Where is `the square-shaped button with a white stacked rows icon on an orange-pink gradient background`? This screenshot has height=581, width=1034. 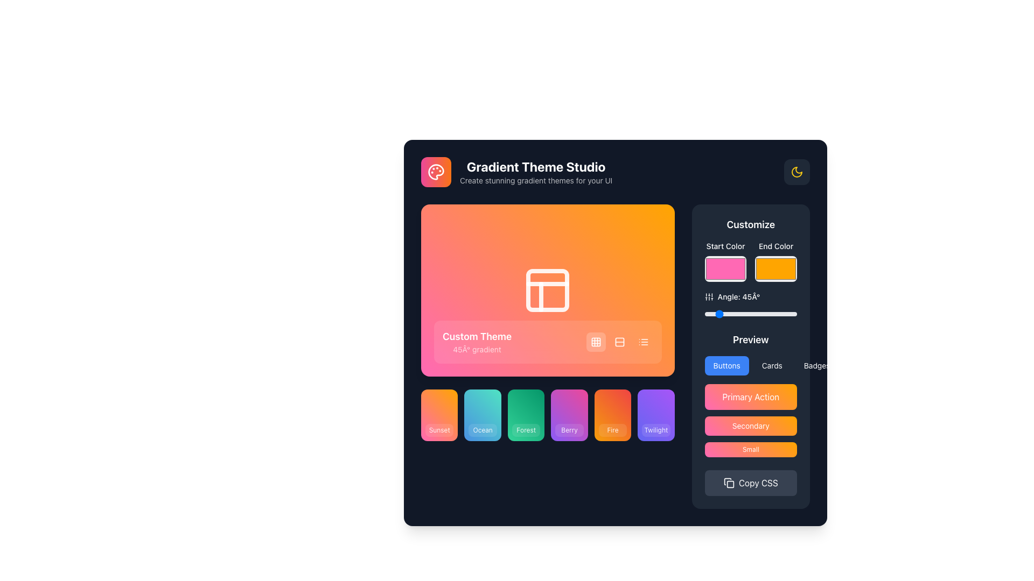 the square-shaped button with a white stacked rows icon on an orange-pink gradient background is located at coordinates (619, 342).